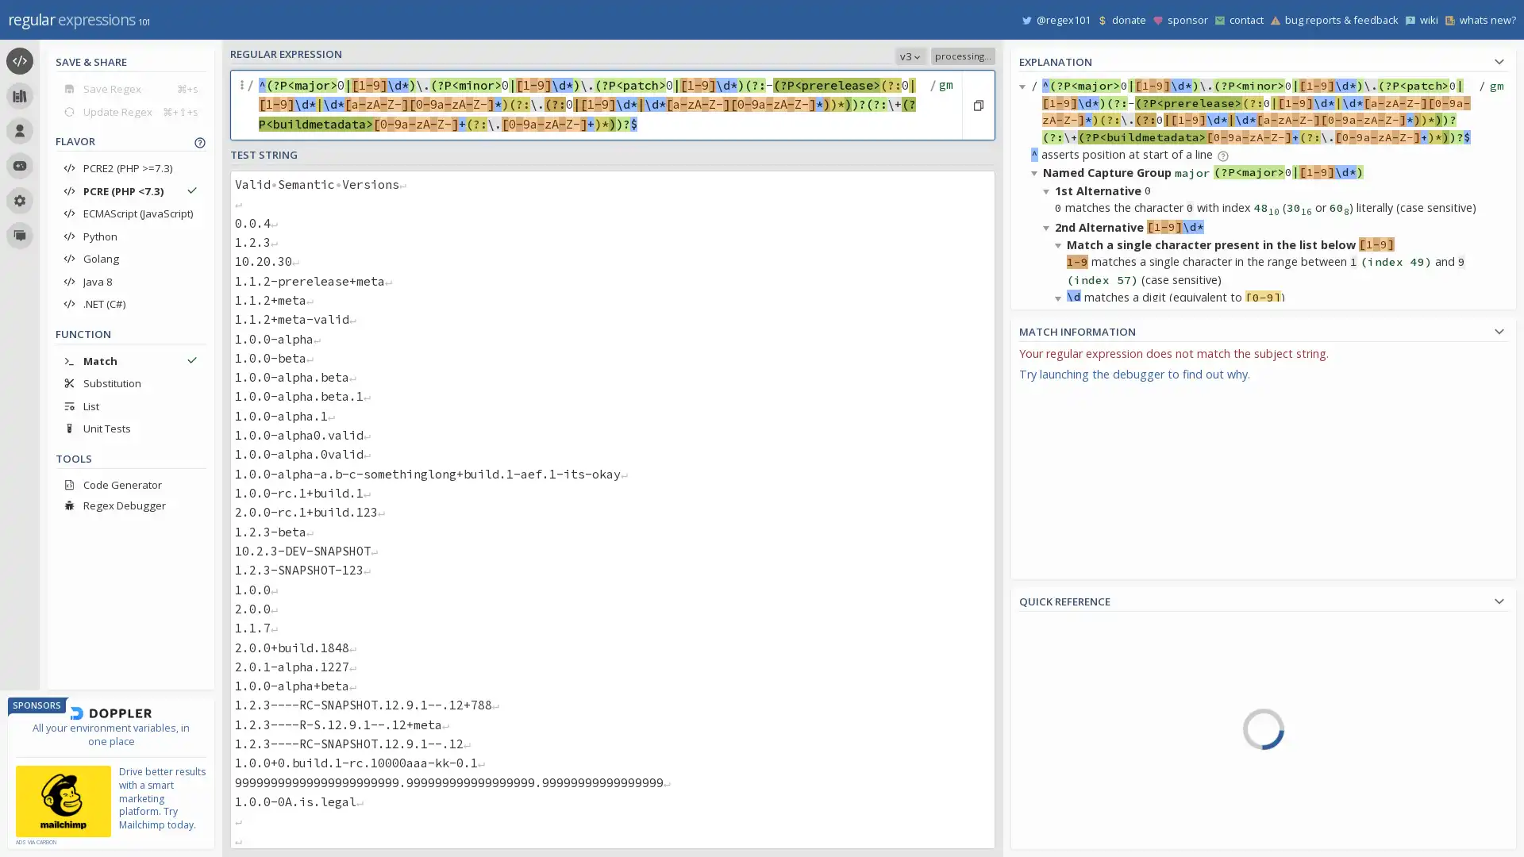 The width and height of the screenshot is (1524, 857). What do you see at coordinates (1061, 654) in the screenshot?
I see `Group major` at bounding box center [1061, 654].